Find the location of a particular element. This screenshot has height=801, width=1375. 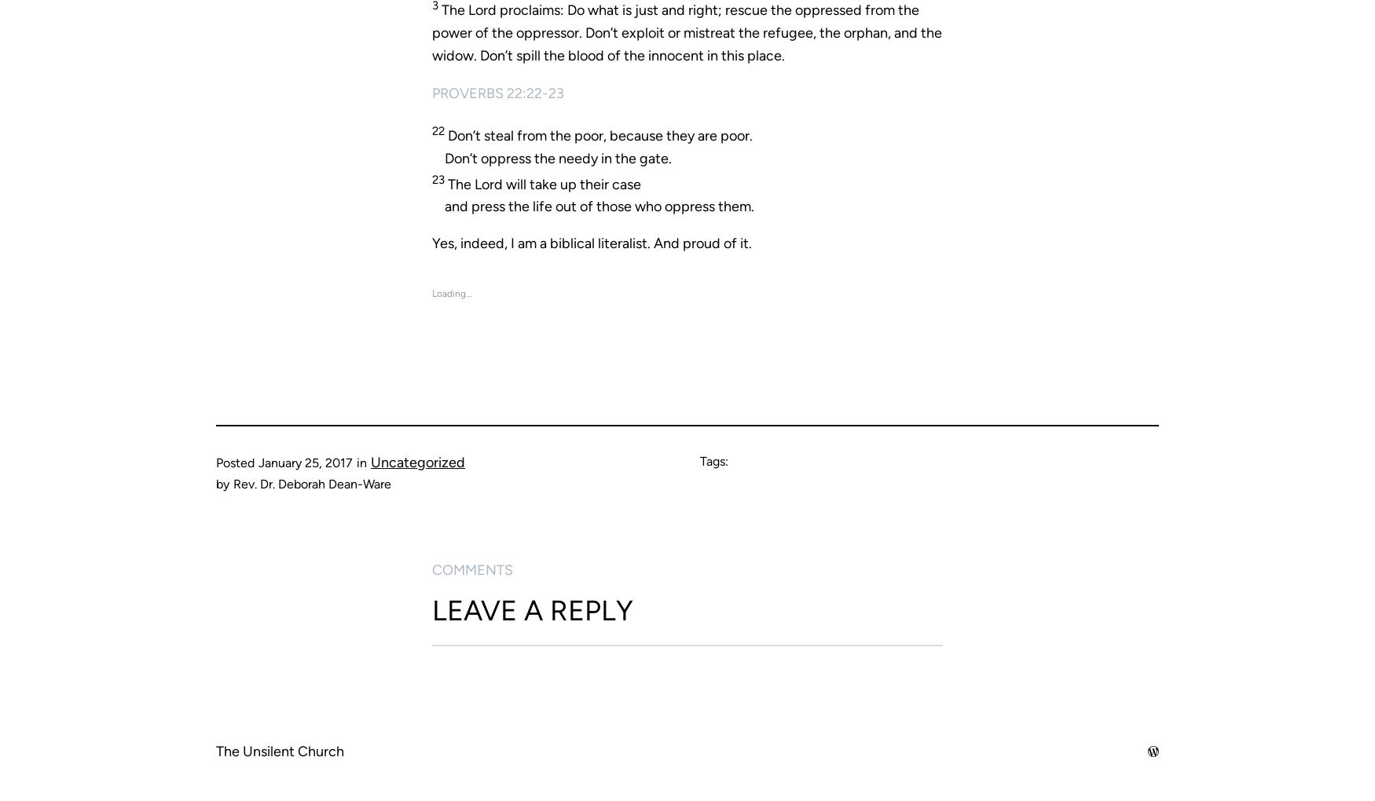

'Yes, indeed, I am a biblical literalist. And proud of it.' is located at coordinates (591, 243).